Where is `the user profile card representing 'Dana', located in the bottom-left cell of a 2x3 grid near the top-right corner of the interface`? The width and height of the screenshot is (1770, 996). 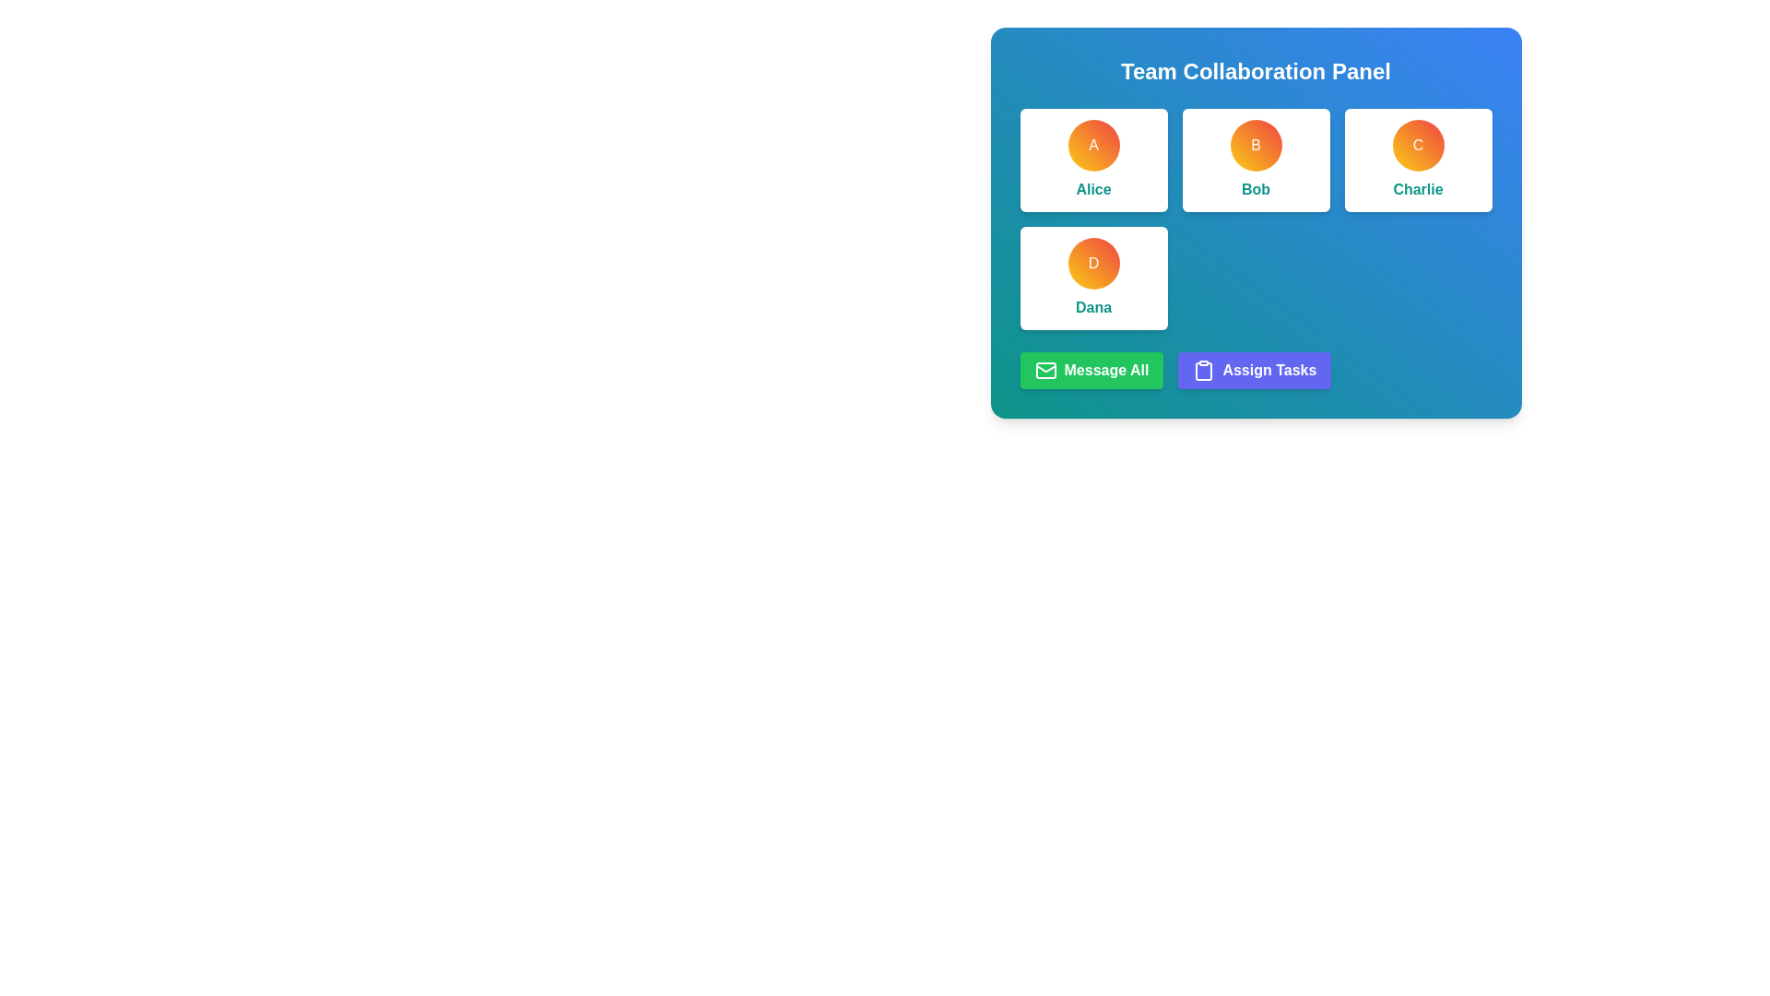 the user profile card representing 'Dana', located in the bottom-left cell of a 2x3 grid near the top-right corner of the interface is located at coordinates (1093, 278).